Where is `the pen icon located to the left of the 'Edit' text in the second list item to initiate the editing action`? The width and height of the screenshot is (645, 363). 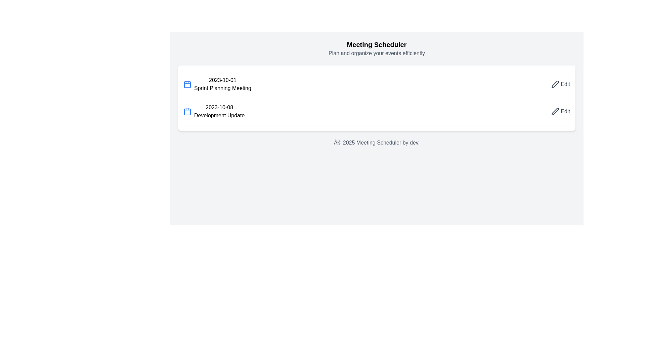
the pen icon located to the left of the 'Edit' text in the second list item to initiate the editing action is located at coordinates (555, 111).